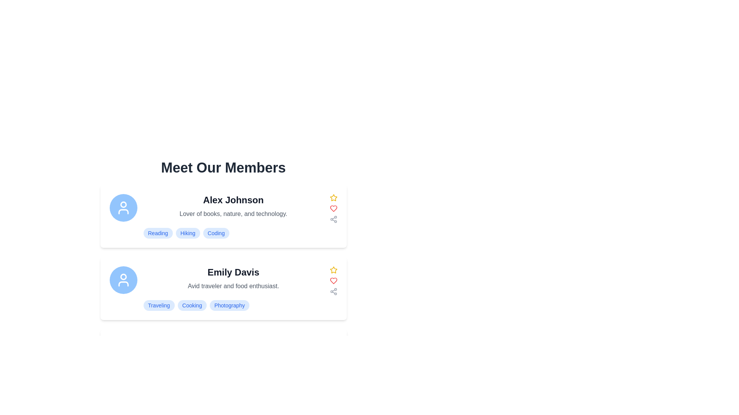 This screenshot has width=739, height=415. What do you see at coordinates (333, 281) in the screenshot?
I see `the heart icon for the profile of Emily Davis` at bounding box center [333, 281].